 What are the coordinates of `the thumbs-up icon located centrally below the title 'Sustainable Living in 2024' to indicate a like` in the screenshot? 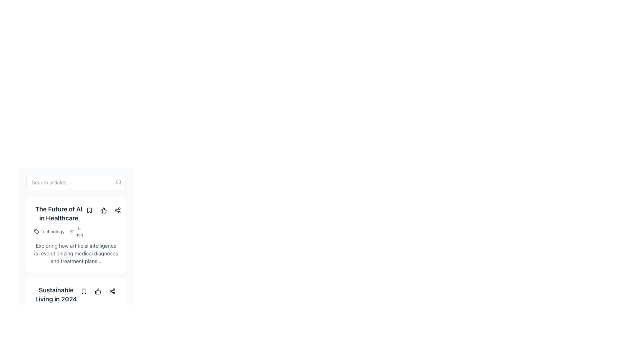 It's located at (98, 291).